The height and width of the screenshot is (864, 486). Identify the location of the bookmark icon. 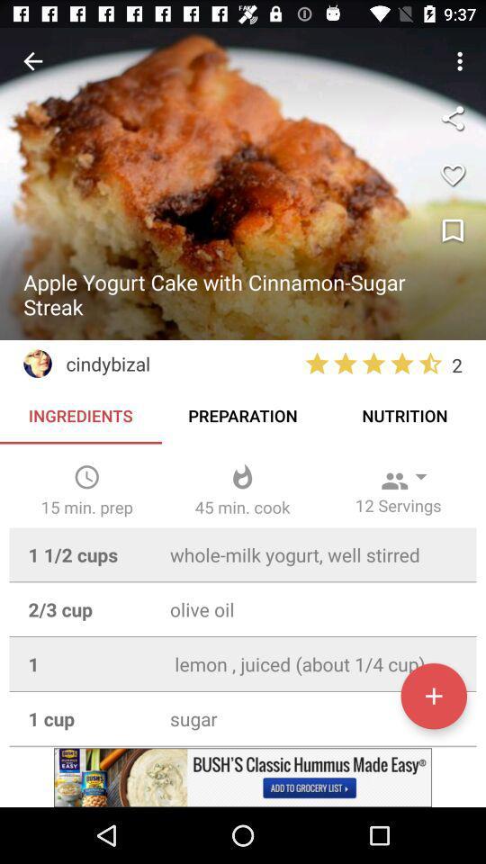
(452, 230).